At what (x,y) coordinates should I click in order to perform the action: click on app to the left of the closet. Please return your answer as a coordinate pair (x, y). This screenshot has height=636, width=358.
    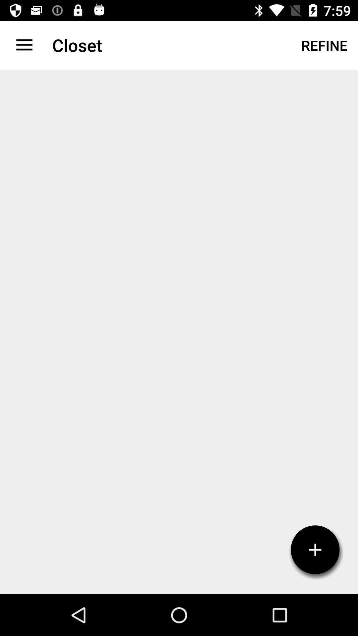
    Looking at the image, I should click on (24, 45).